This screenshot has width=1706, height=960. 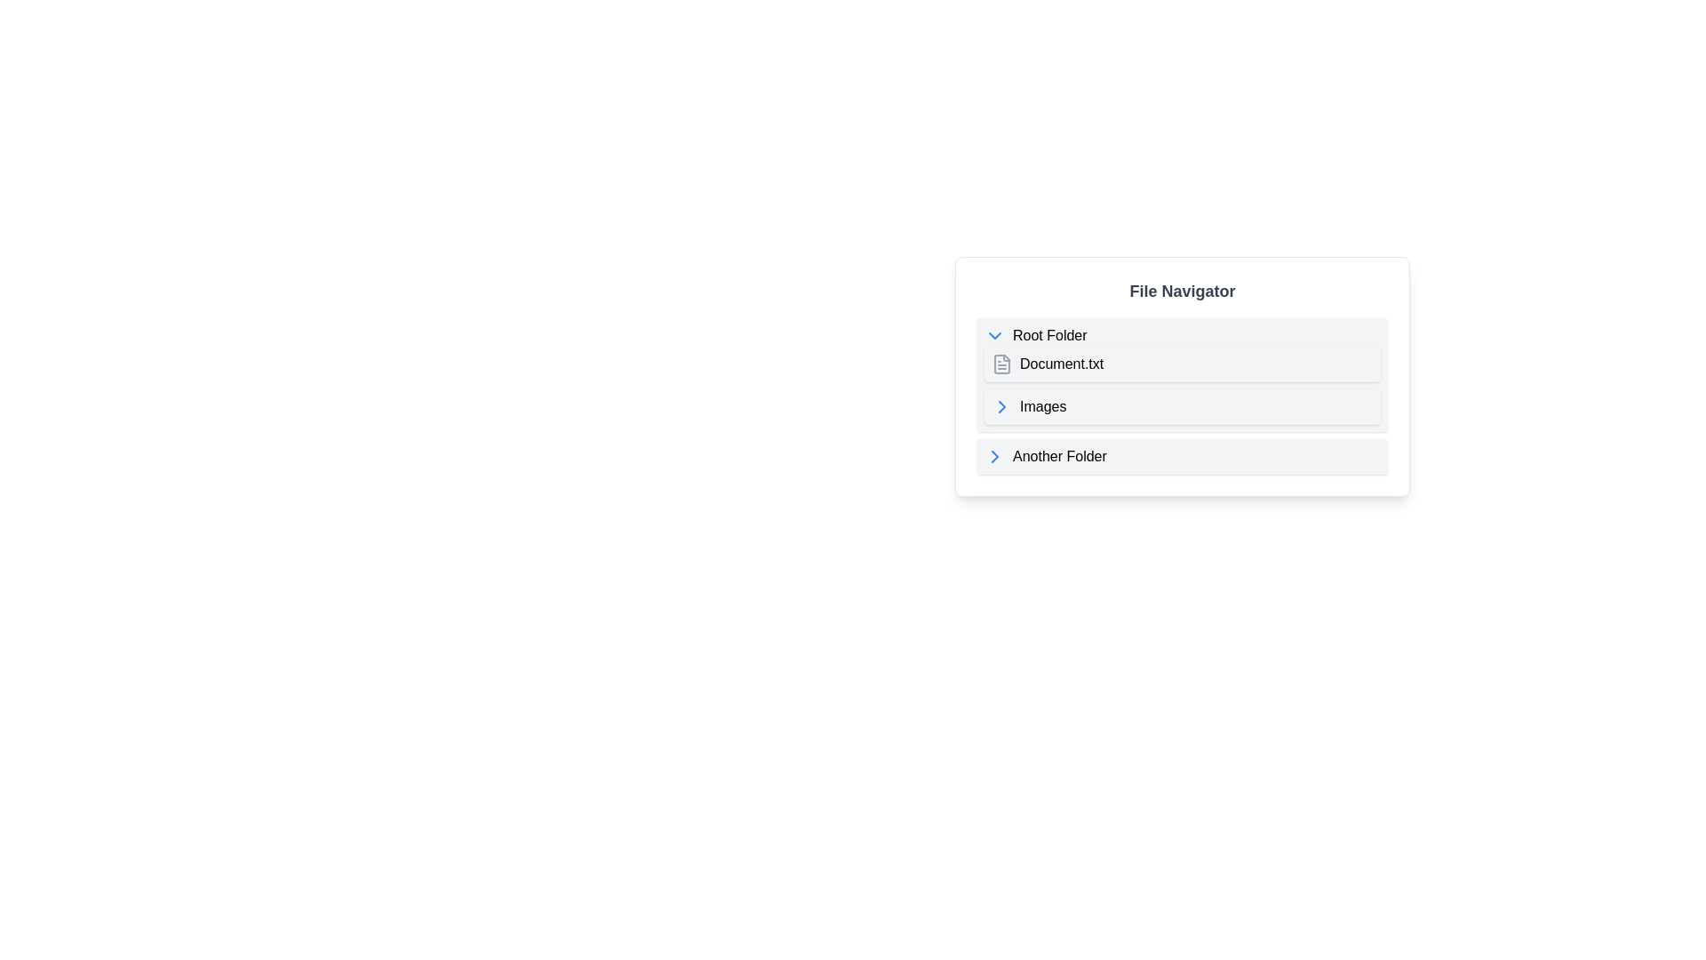 I want to click on an item within the nested directory structure of the 'File Navigator' component, so click(x=1182, y=396).